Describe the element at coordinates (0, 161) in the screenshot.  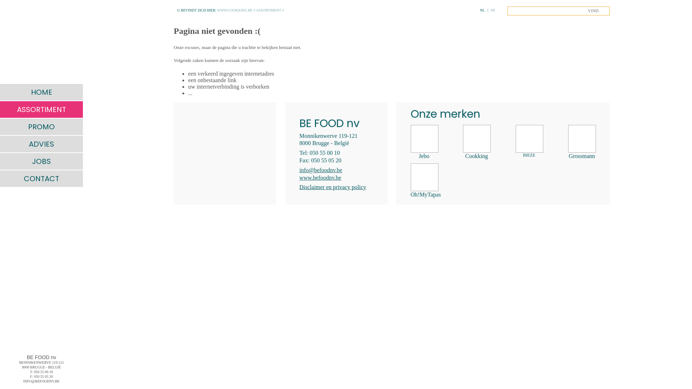
I see `'JOBS'` at that location.